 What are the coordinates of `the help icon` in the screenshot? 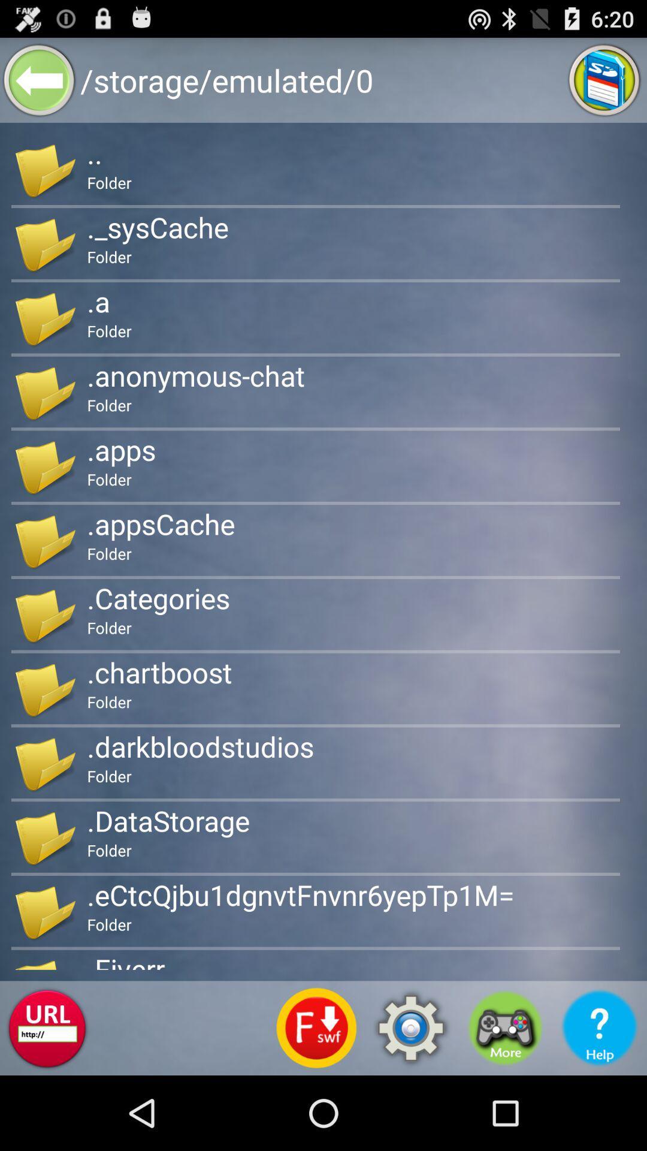 It's located at (600, 1100).